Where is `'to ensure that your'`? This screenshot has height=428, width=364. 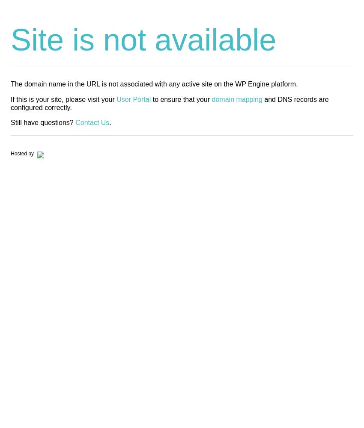 'to ensure that your' is located at coordinates (150, 98).